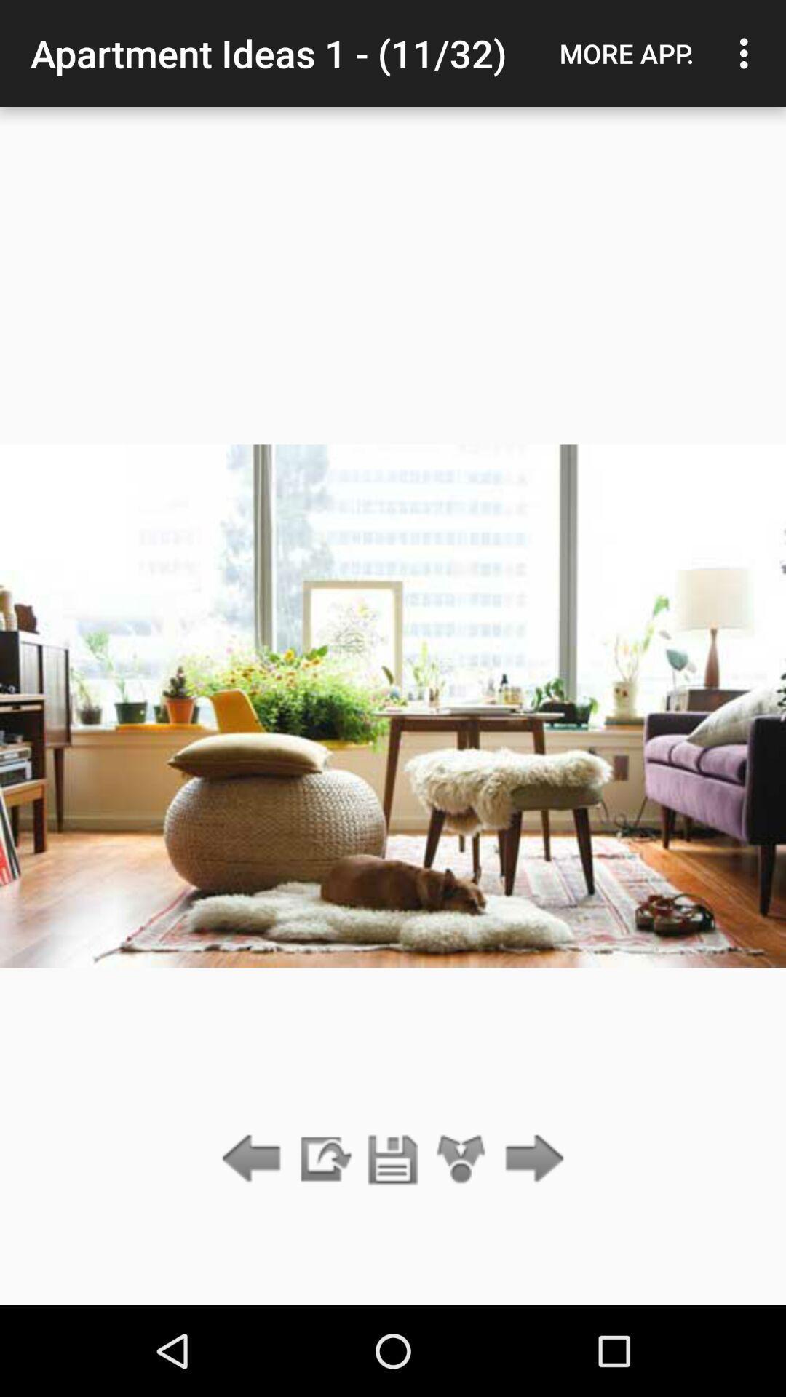  What do you see at coordinates (393, 1159) in the screenshot?
I see `icon below apartment ideas 1 item` at bounding box center [393, 1159].